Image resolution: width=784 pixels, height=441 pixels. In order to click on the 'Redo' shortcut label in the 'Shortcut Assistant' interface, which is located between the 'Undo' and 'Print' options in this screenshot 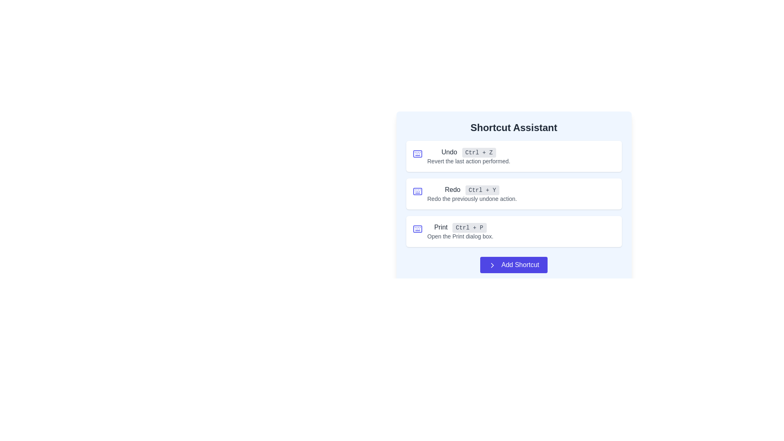, I will do `click(472, 190)`.